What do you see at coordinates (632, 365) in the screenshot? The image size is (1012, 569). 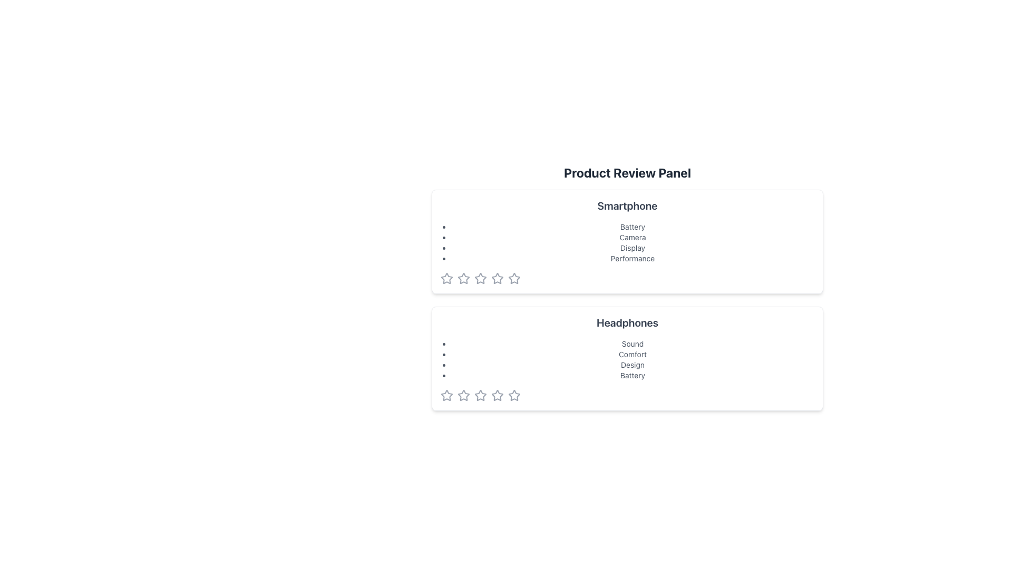 I see `the text label displaying 'Design', which is the third bullet point in the list related to 'Headphones'` at bounding box center [632, 365].